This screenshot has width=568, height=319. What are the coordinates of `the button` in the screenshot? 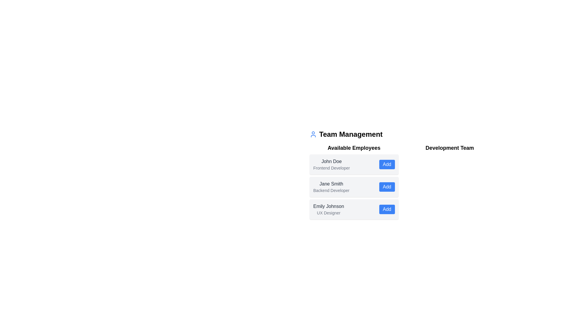 It's located at (387, 187).